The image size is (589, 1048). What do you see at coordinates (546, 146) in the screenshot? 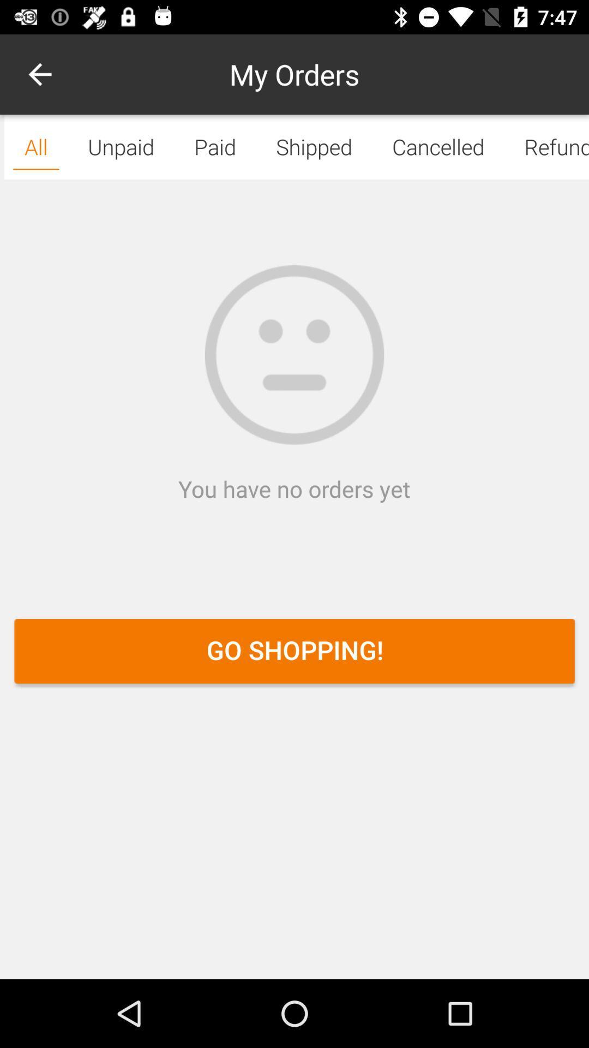
I see `refund` at bounding box center [546, 146].